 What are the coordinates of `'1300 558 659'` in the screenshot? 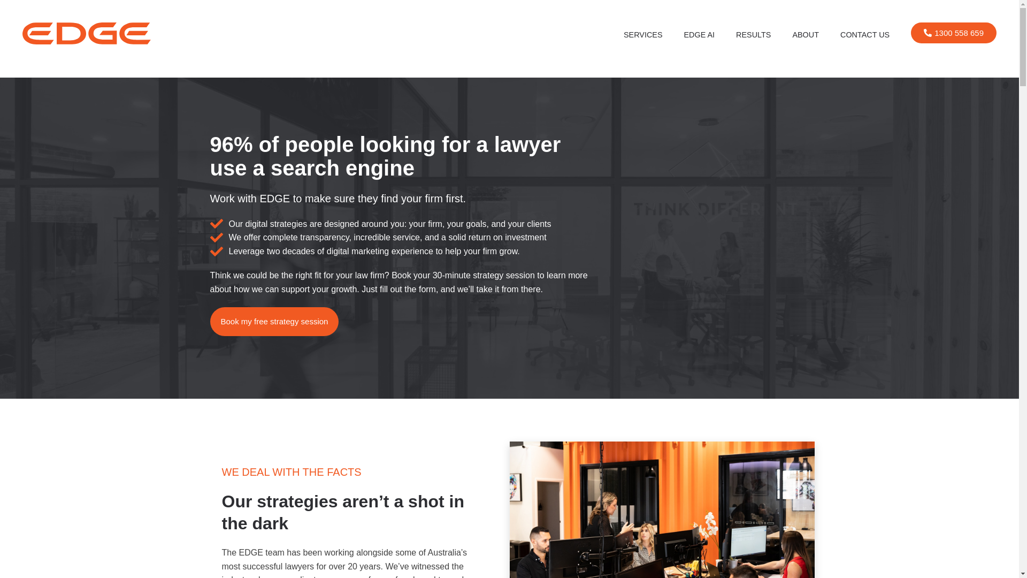 It's located at (953, 32).